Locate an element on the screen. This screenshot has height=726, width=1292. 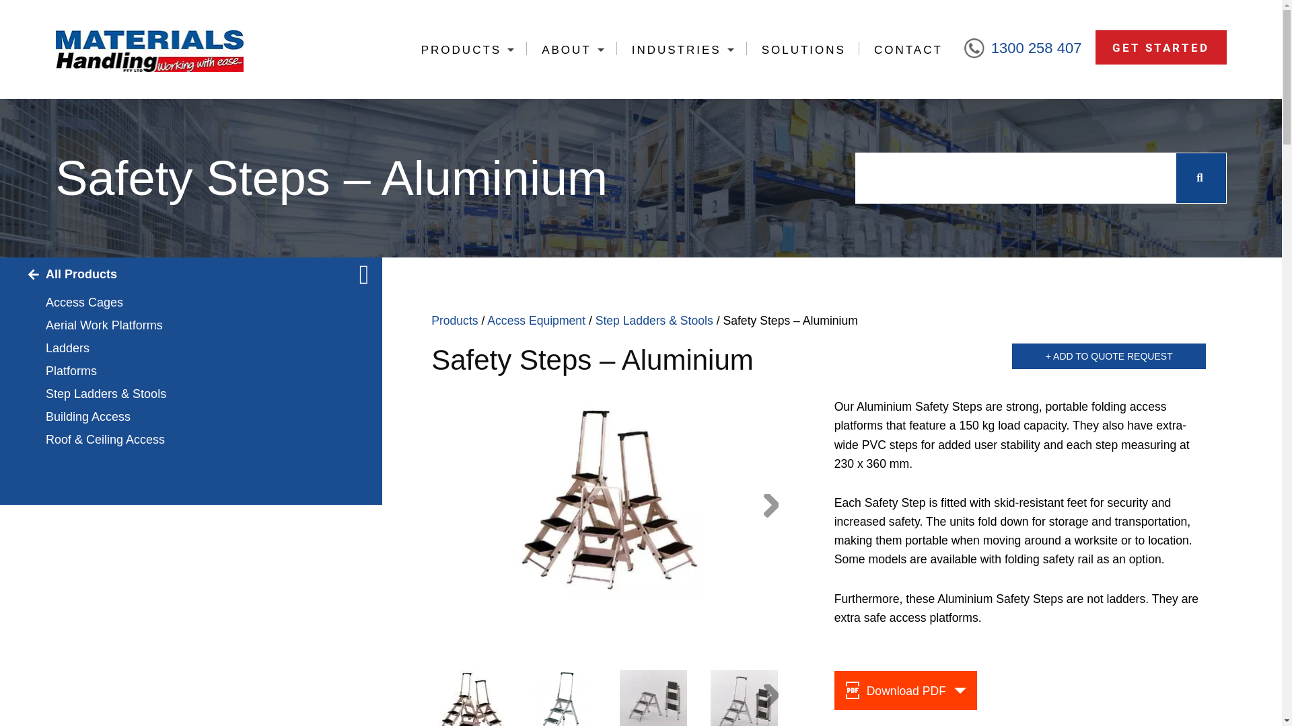
'CONTACT' is located at coordinates (907, 48).